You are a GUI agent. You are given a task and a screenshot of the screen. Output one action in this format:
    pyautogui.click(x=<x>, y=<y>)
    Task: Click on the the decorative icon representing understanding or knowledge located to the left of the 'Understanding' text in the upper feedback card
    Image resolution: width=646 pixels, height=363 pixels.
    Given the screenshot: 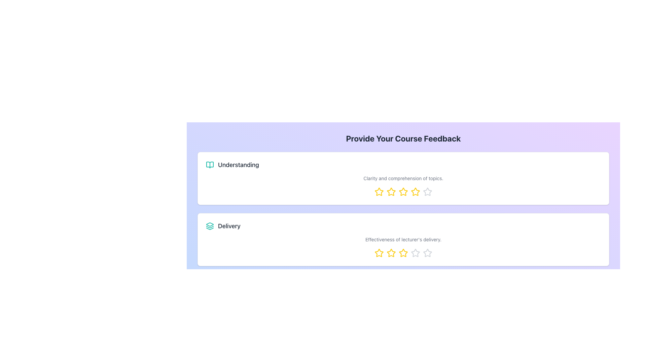 What is the action you would take?
    pyautogui.click(x=210, y=165)
    